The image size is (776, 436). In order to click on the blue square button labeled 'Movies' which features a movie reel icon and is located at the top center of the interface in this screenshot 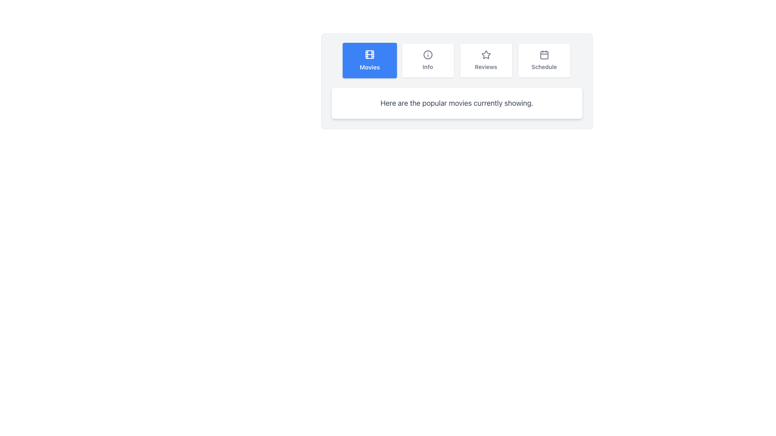, I will do `click(369, 60)`.